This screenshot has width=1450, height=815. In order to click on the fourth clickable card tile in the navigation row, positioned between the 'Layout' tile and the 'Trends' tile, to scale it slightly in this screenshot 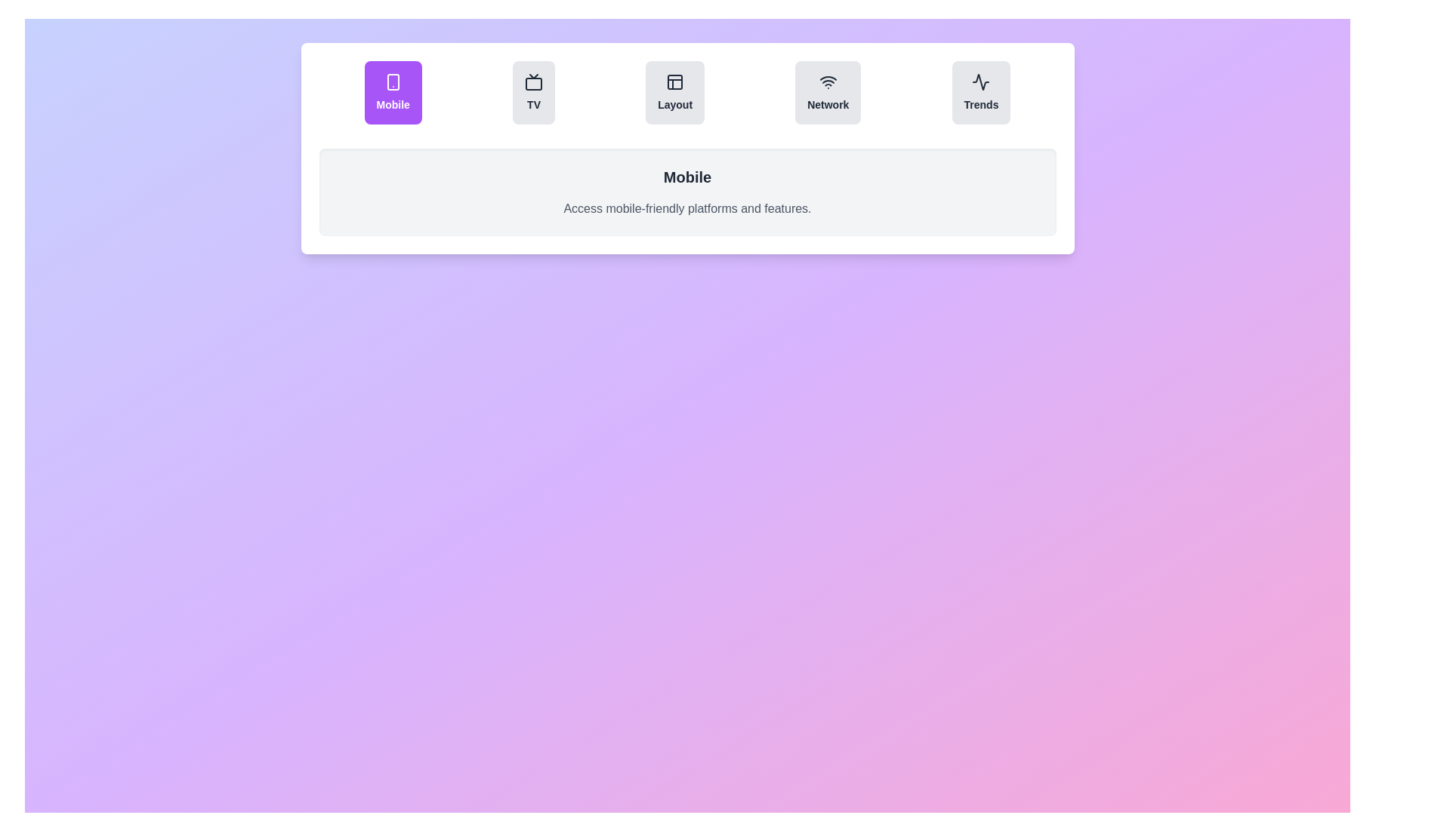, I will do `click(827, 93)`.